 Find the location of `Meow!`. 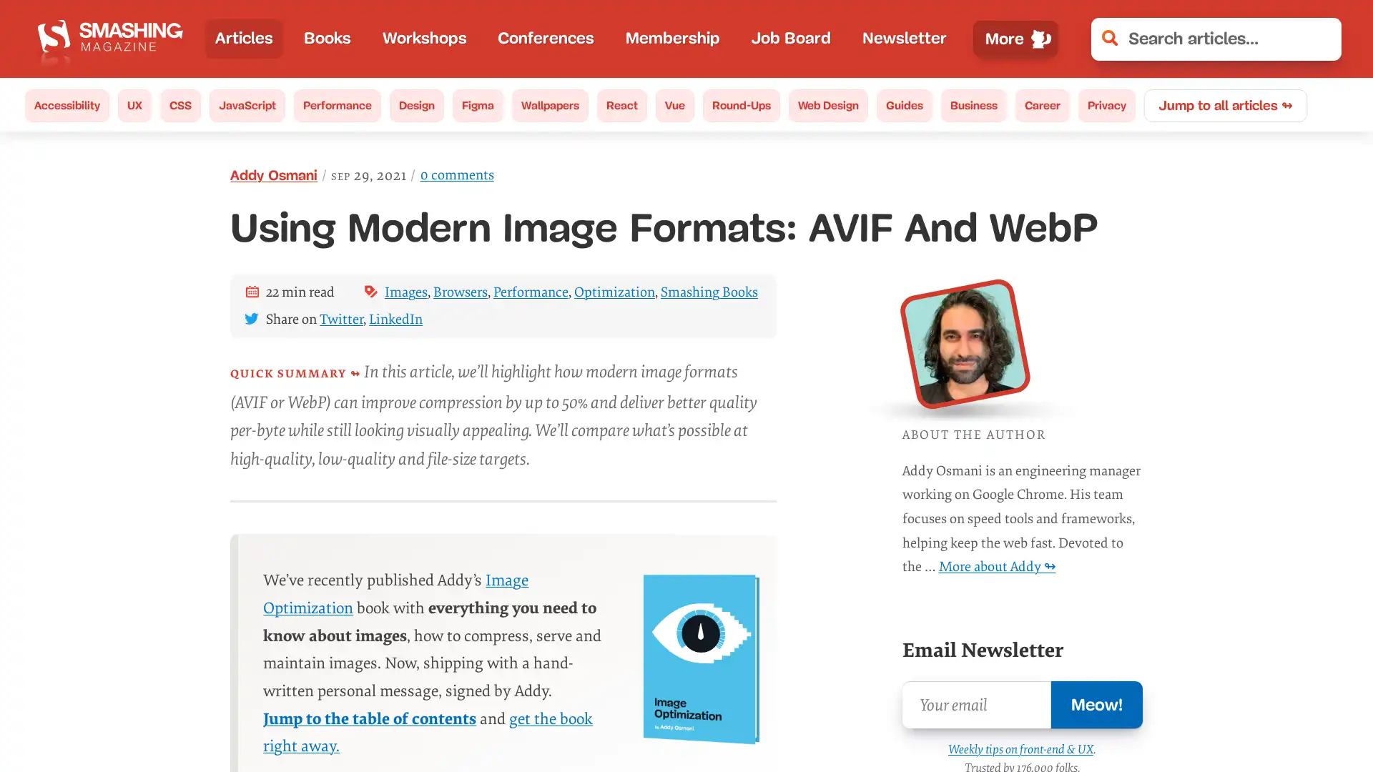

Meow! is located at coordinates (1095, 703).